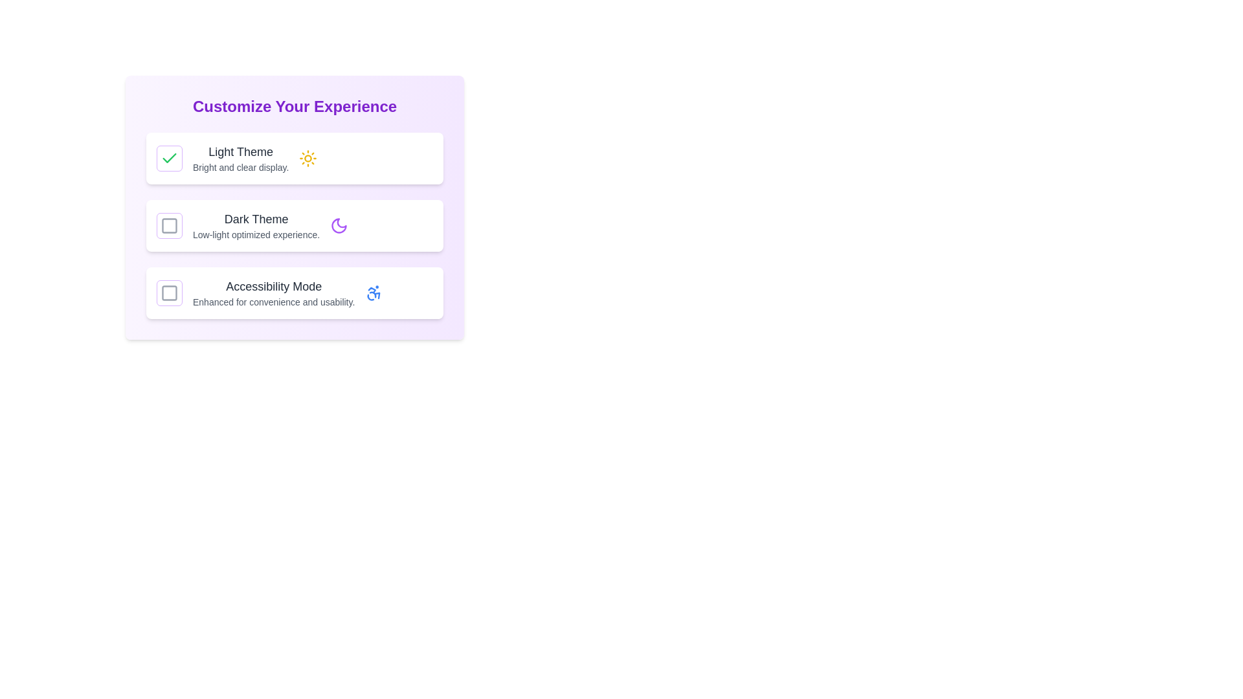 The width and height of the screenshot is (1243, 699). I want to click on the SVG icon that indicates the 'Light Theme' option is selected, located in the first row of the 'Customize Your Experience' list, so click(169, 158).